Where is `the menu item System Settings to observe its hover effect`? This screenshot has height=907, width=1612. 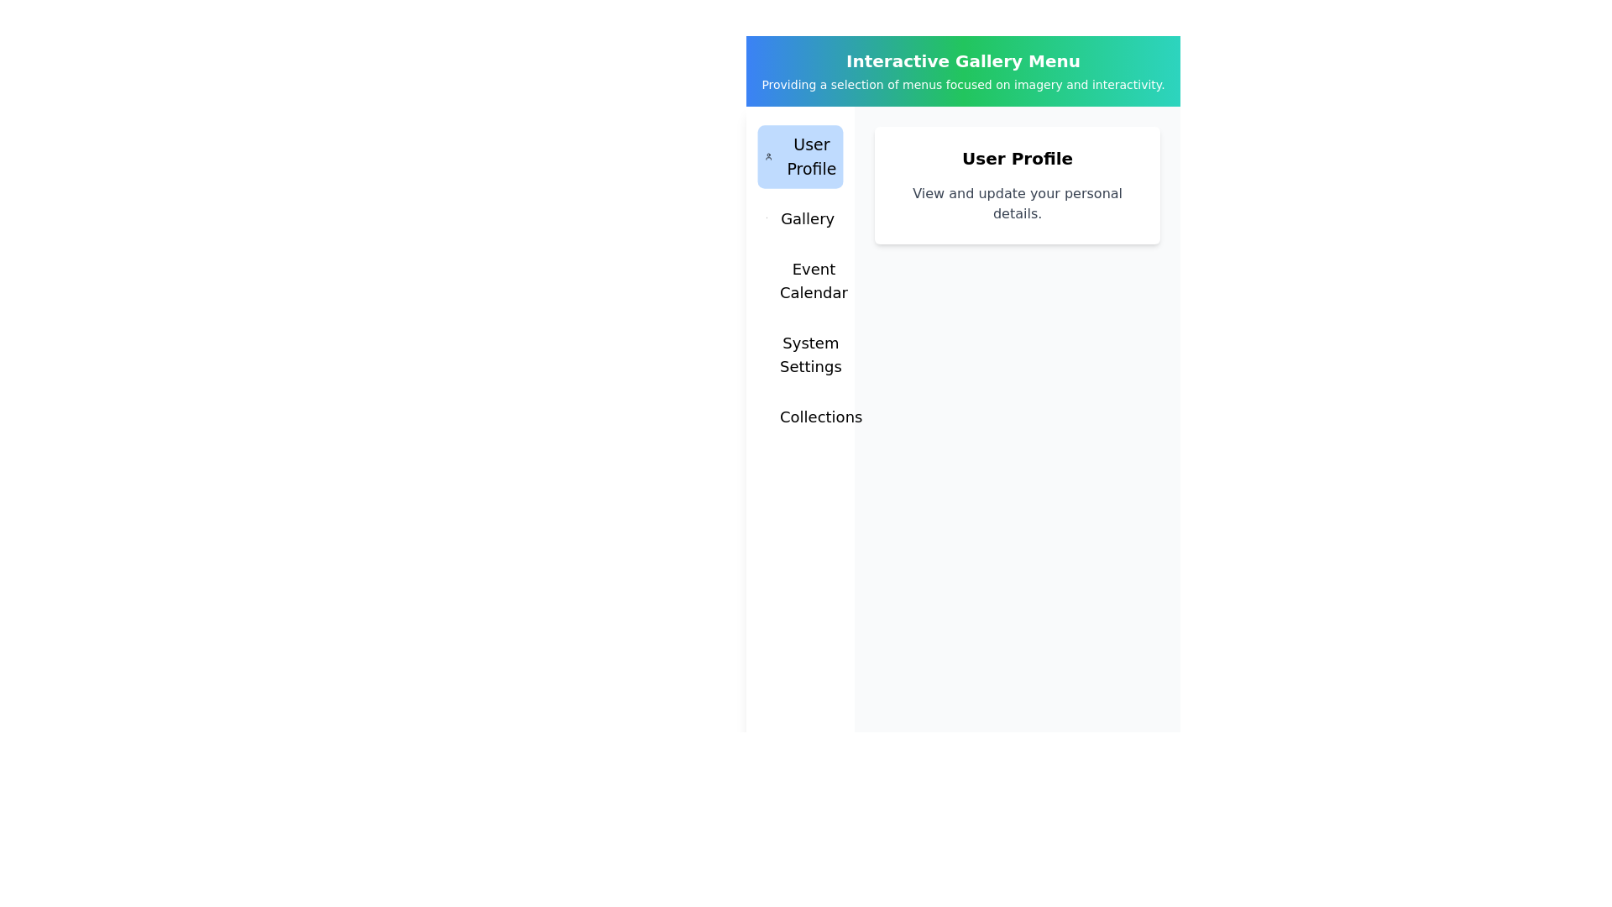
the menu item System Settings to observe its hover effect is located at coordinates (799, 354).